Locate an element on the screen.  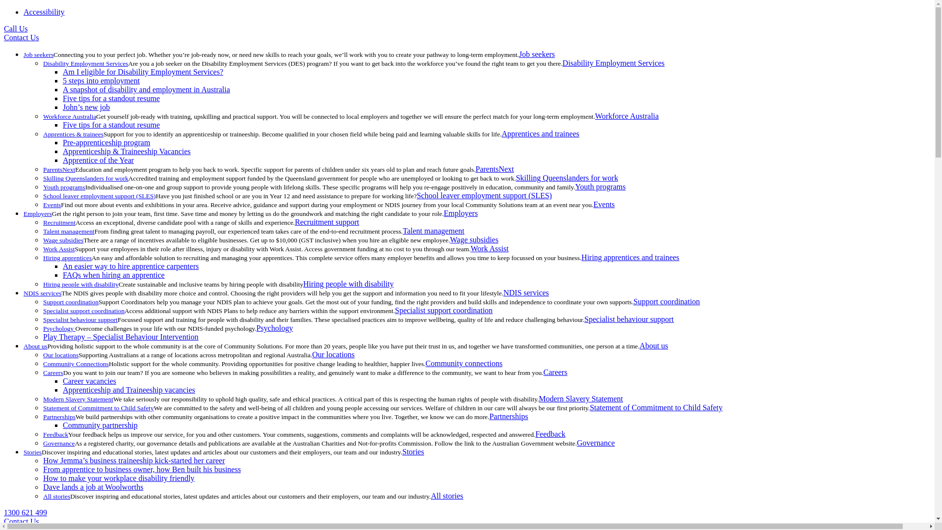
'Career vacancies' is located at coordinates (89, 380).